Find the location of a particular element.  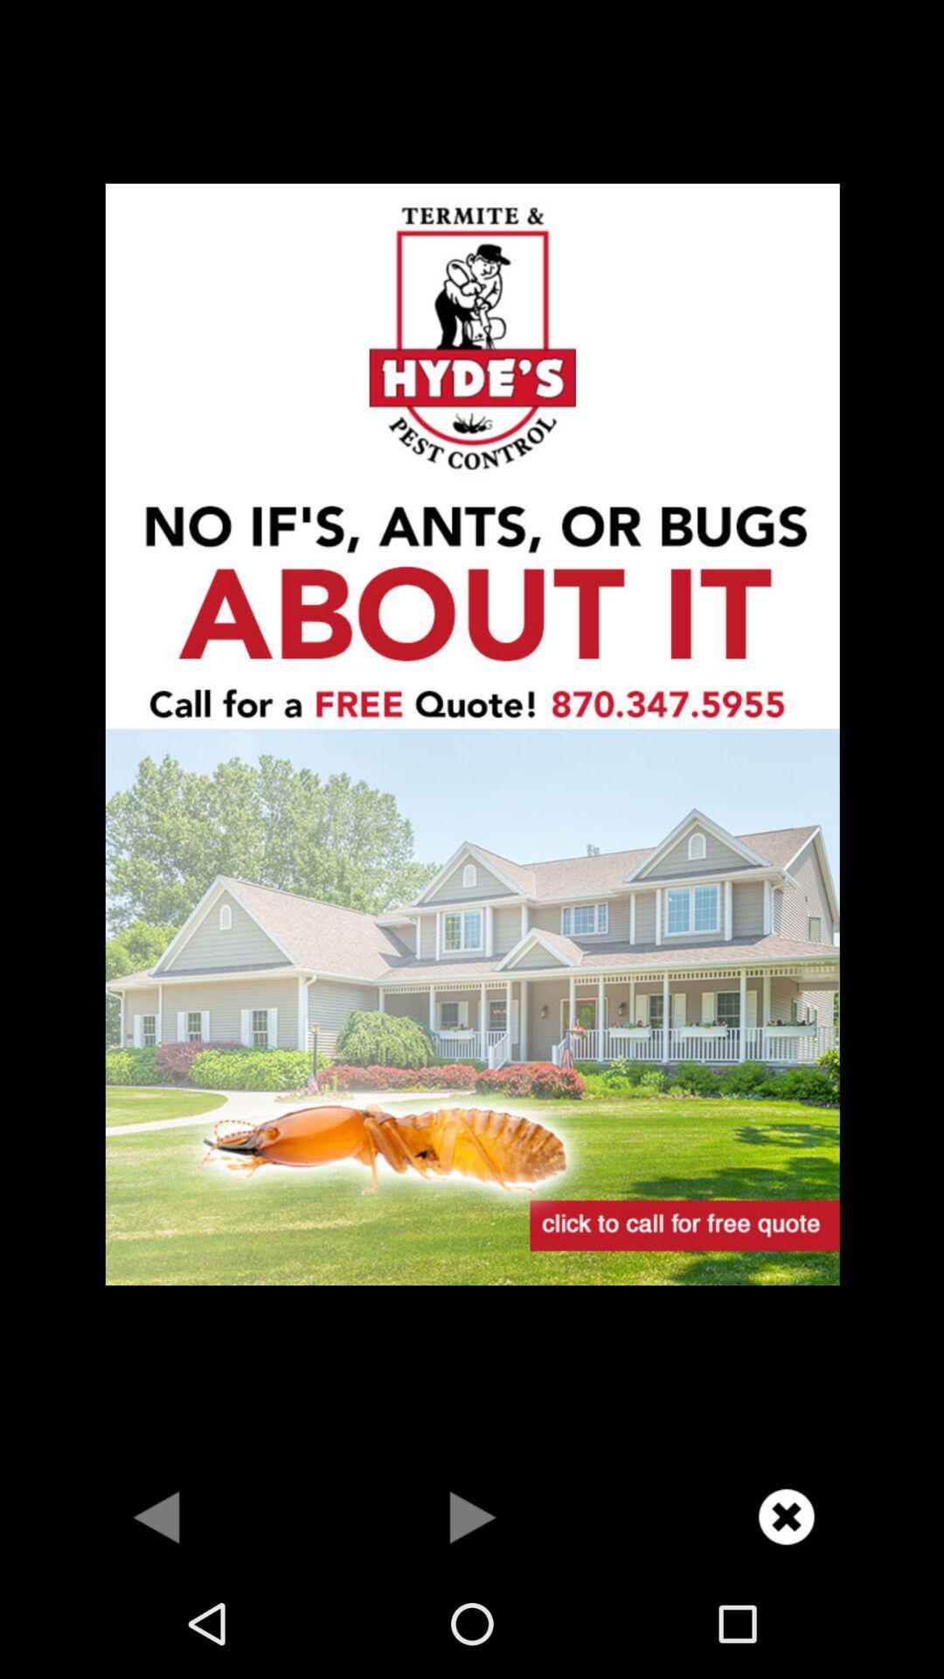

close is located at coordinates (785, 1515).